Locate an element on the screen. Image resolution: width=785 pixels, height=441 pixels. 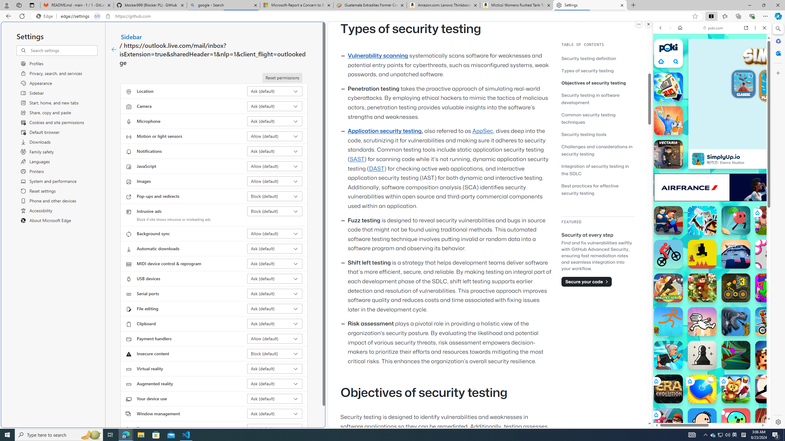
'SUBWAY SURFERS - Play Online for Free! | Poki' is located at coordinates (710, 412).